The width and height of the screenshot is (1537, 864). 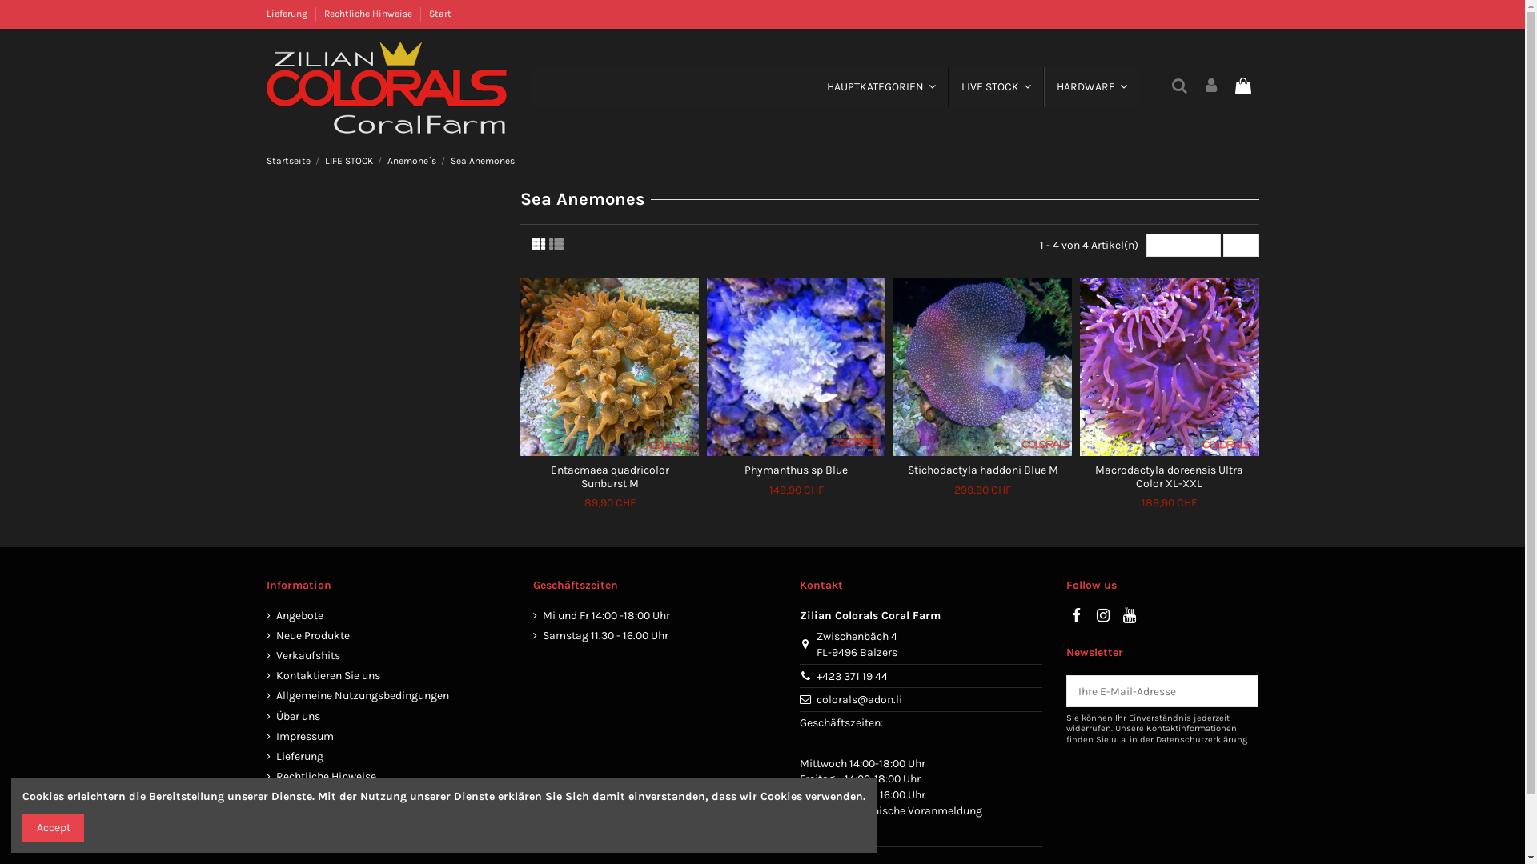 What do you see at coordinates (768, 489) in the screenshot?
I see `'149,90 CHF'` at bounding box center [768, 489].